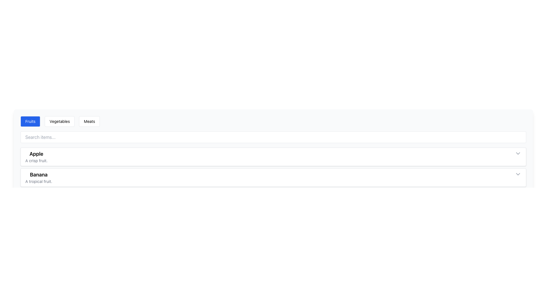 This screenshot has height=303, width=540. What do you see at coordinates (36, 154) in the screenshot?
I see `the text label for 'Apple'` at bounding box center [36, 154].